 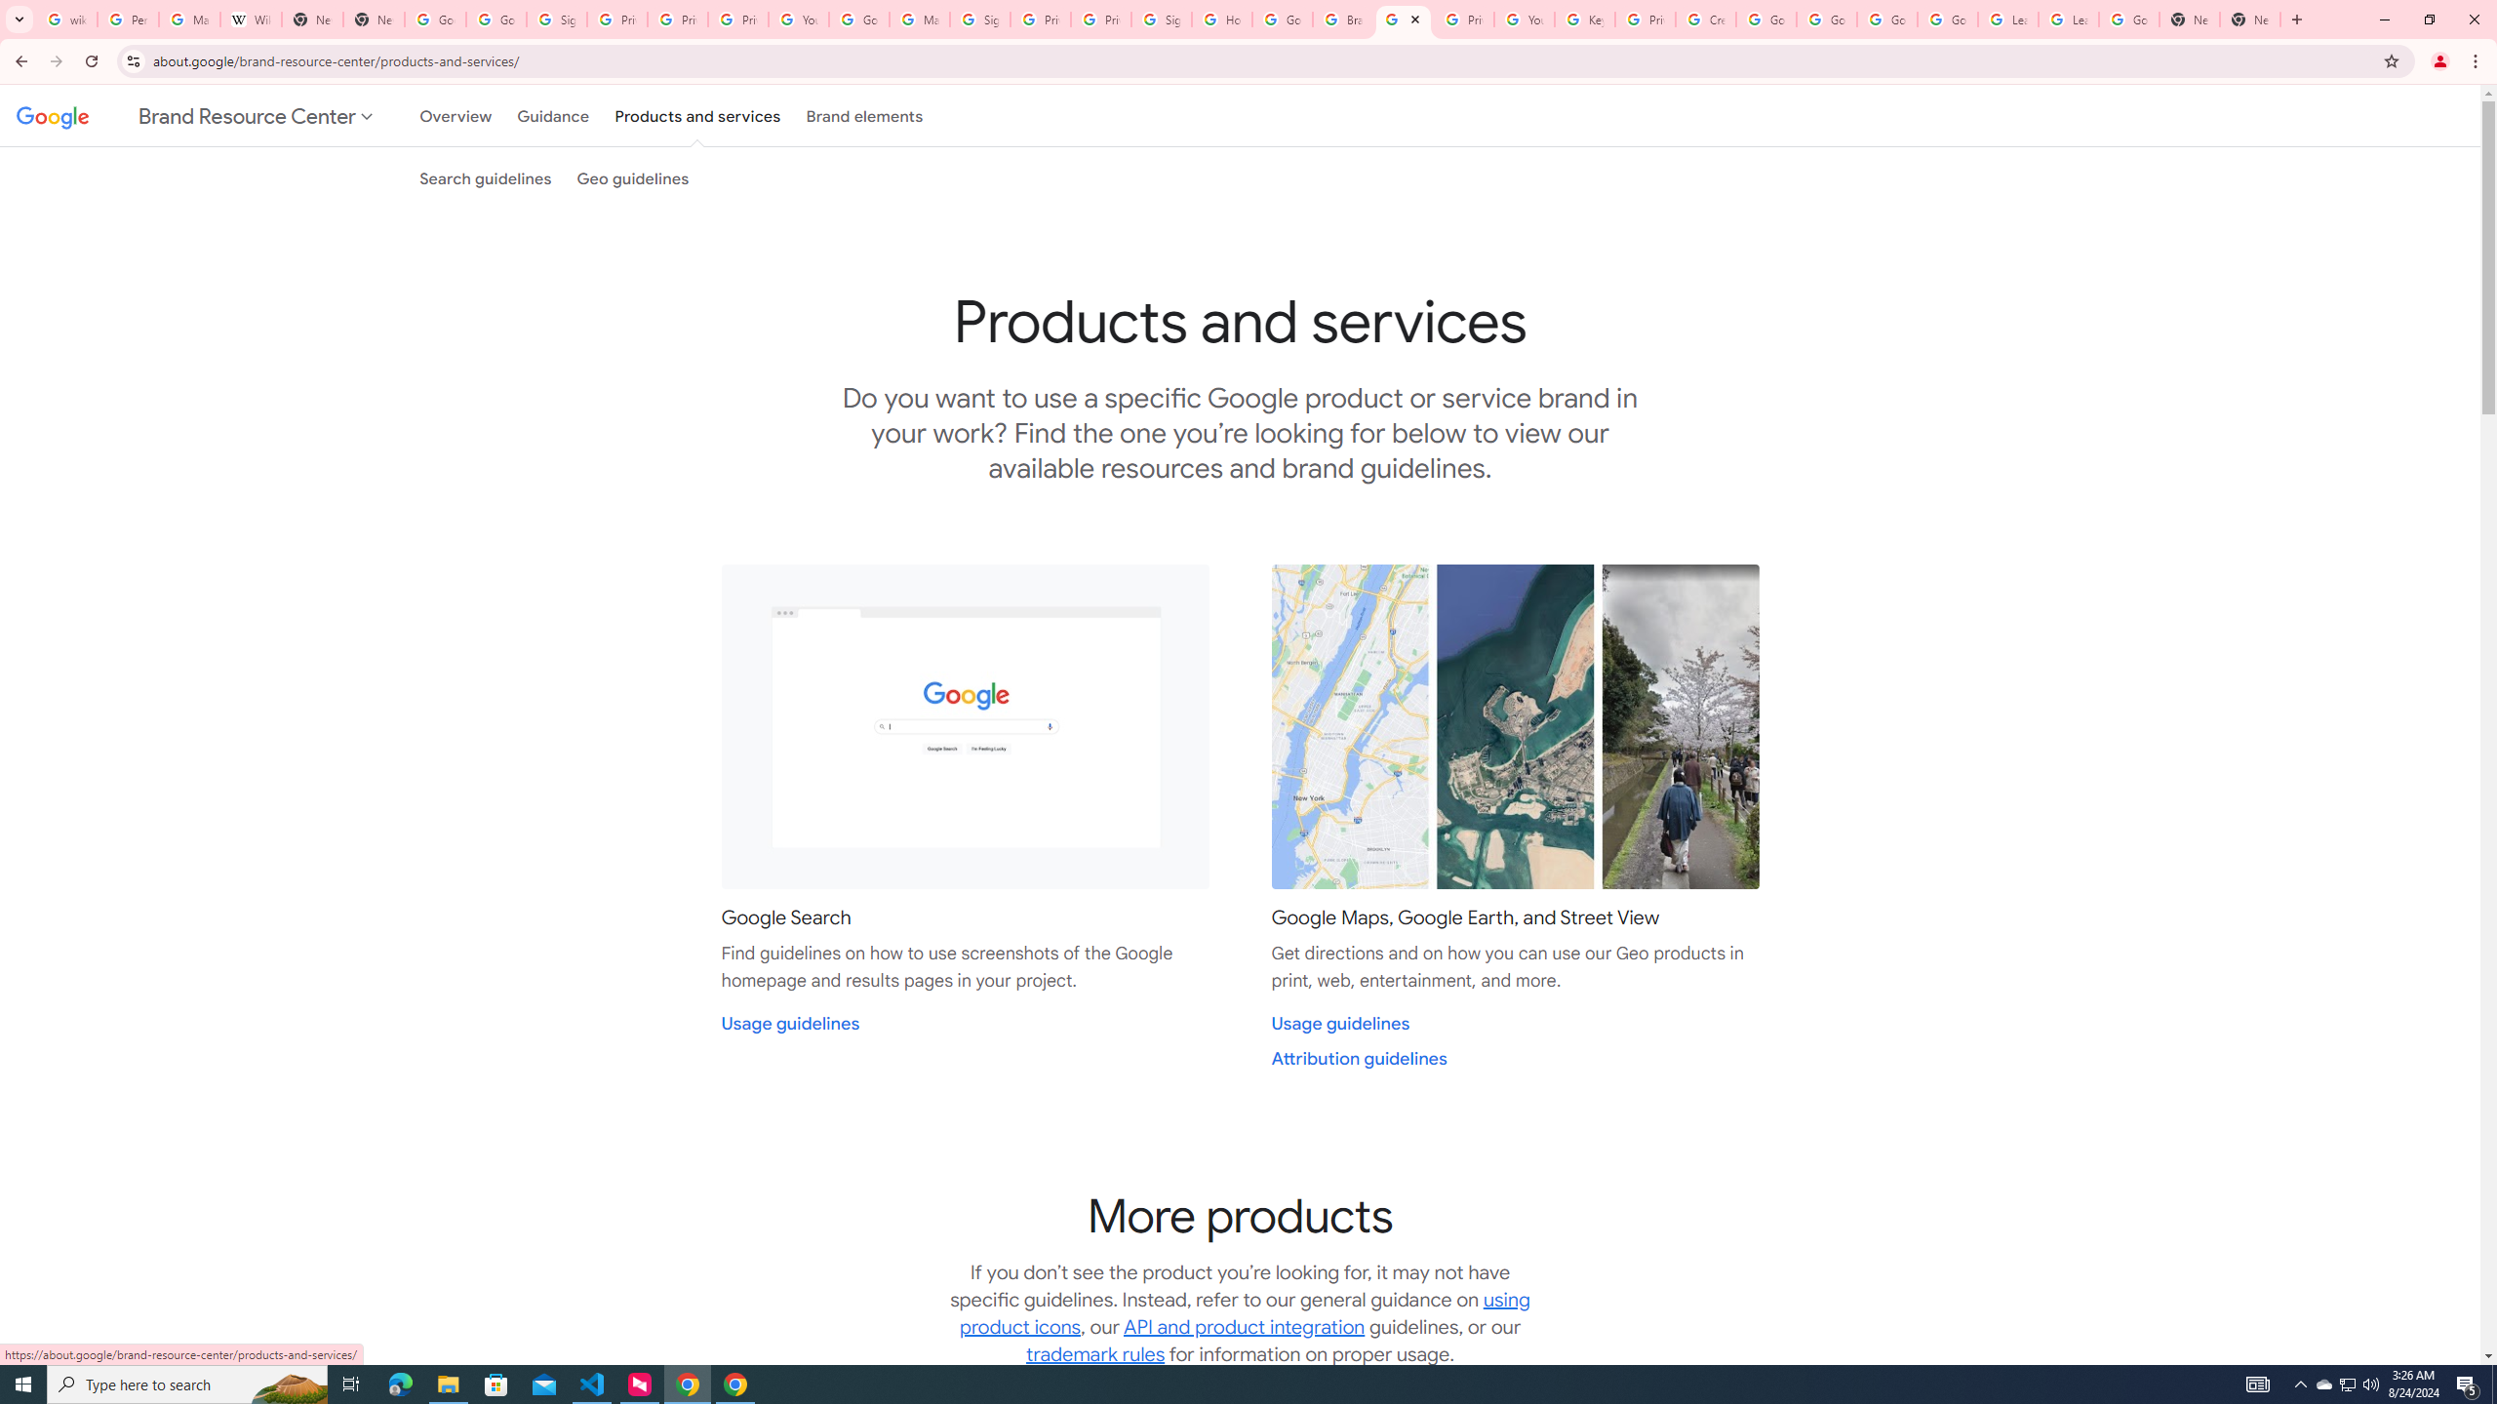 What do you see at coordinates (1244, 1326) in the screenshot?
I see `'API and product integration'` at bounding box center [1244, 1326].